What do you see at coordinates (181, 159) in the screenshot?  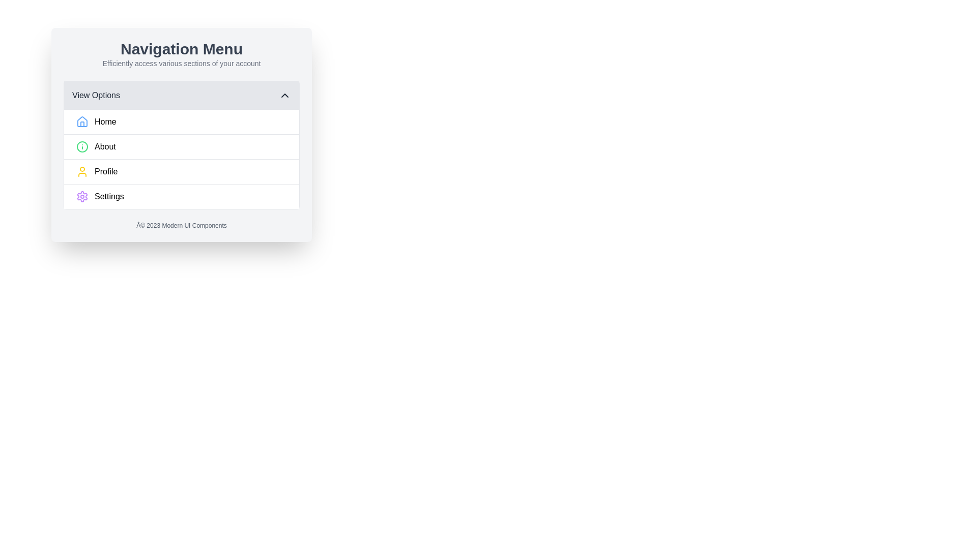 I see `over the navigation menu located below the 'View Options' header for custom actions` at bounding box center [181, 159].